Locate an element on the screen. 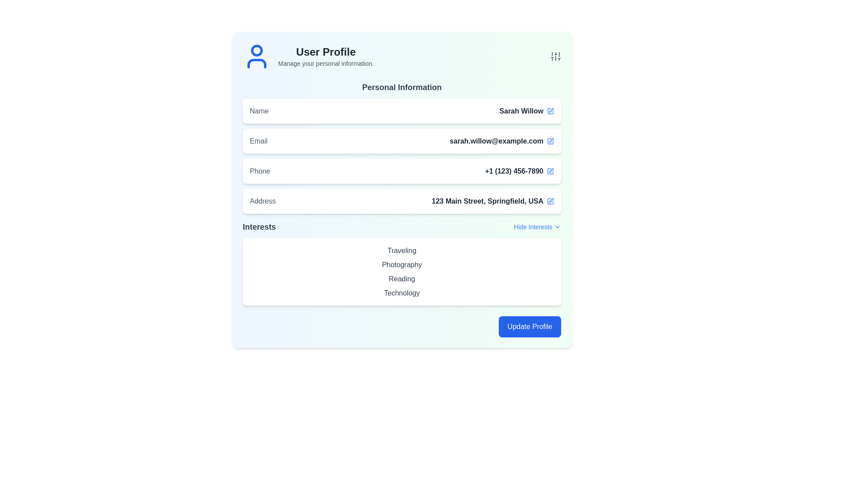  the phone number display field located in the 'Phone' section of the user profile layout, situated to the right of the 'Phone' label is located at coordinates (520, 171).